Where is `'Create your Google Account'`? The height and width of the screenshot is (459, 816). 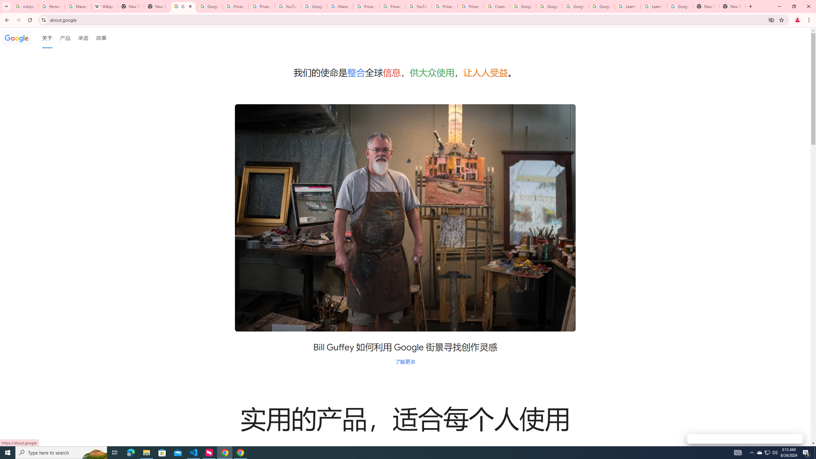
'Create your Google Account' is located at coordinates (497, 6).